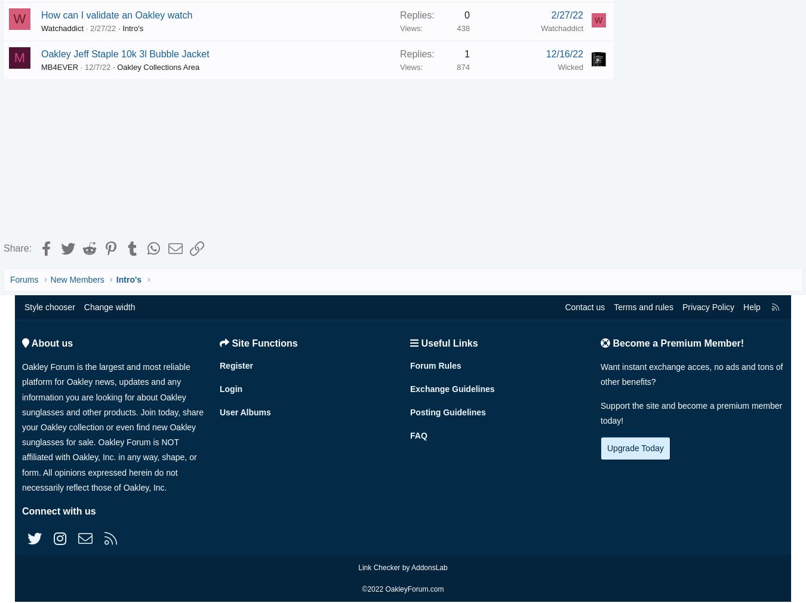 This screenshot has width=806, height=603. What do you see at coordinates (115, 66) in the screenshot?
I see `'12/7/22'` at bounding box center [115, 66].